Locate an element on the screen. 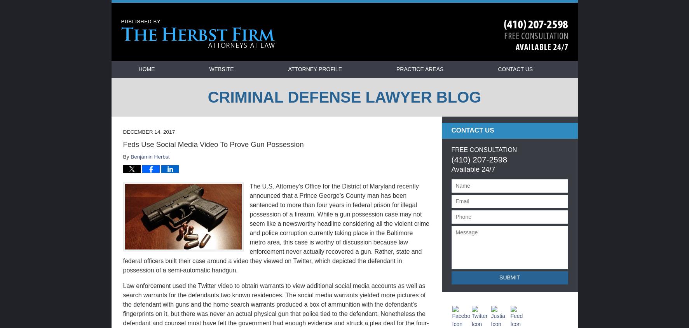 The image size is (689, 328). 'By' is located at coordinates (127, 157).